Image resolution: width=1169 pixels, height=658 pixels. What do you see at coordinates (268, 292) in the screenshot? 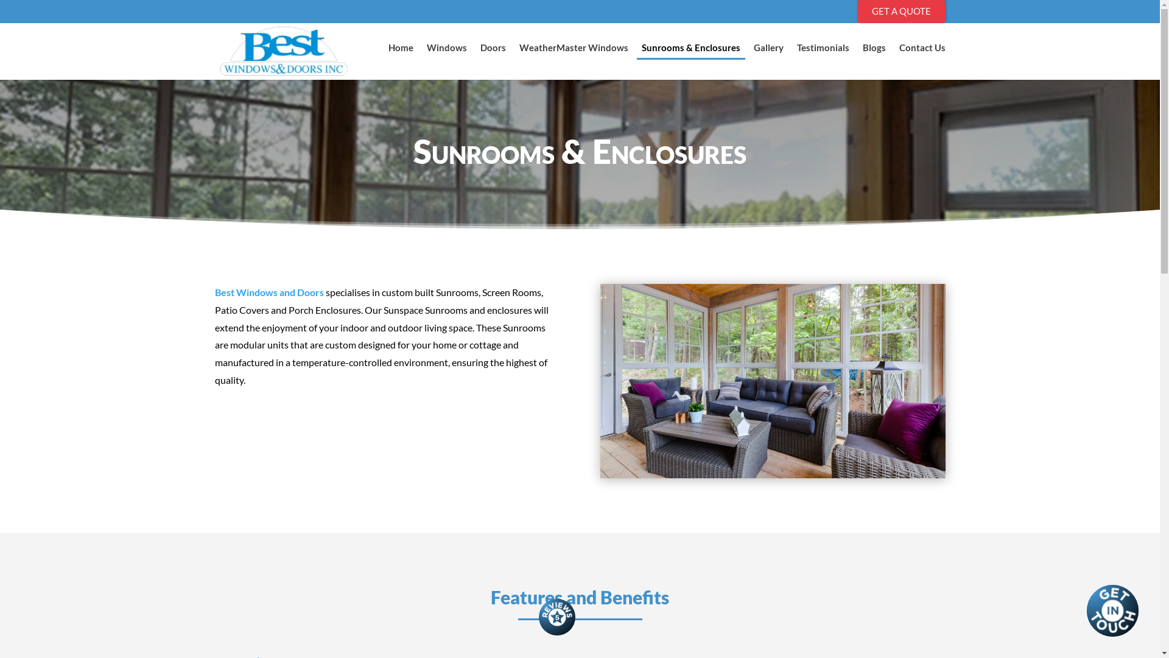
I see `'Best Windows and Doors'` at bounding box center [268, 292].